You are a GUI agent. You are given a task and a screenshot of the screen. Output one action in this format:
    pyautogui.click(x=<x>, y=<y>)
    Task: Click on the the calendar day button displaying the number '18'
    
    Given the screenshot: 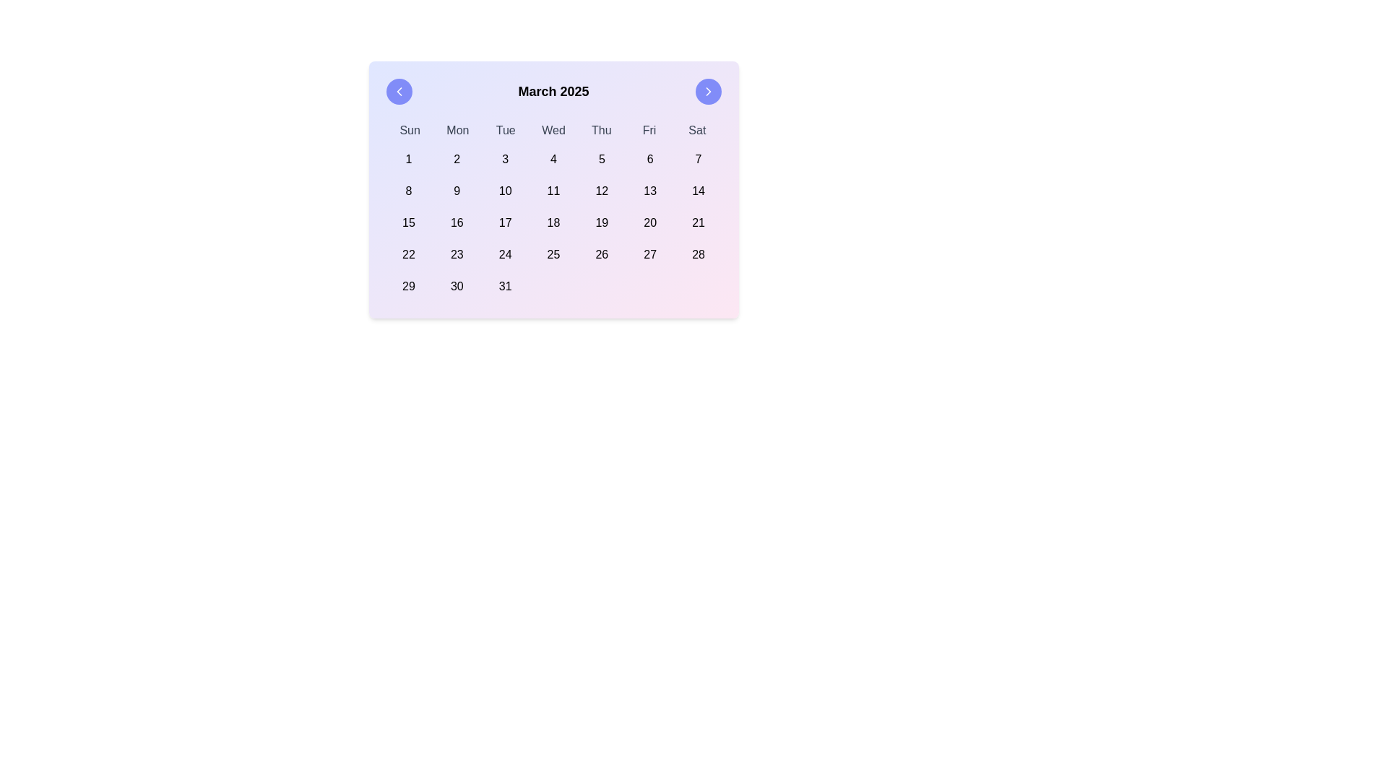 What is the action you would take?
    pyautogui.click(x=553, y=222)
    